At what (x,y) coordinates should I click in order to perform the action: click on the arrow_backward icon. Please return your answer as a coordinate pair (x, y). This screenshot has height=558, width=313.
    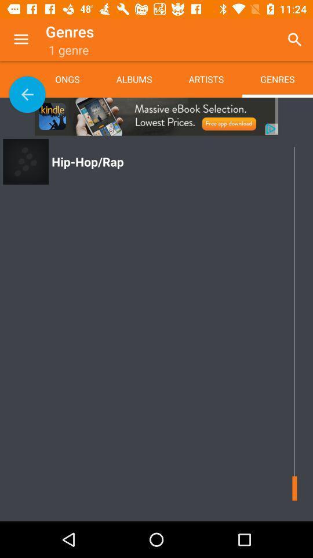
    Looking at the image, I should click on (27, 94).